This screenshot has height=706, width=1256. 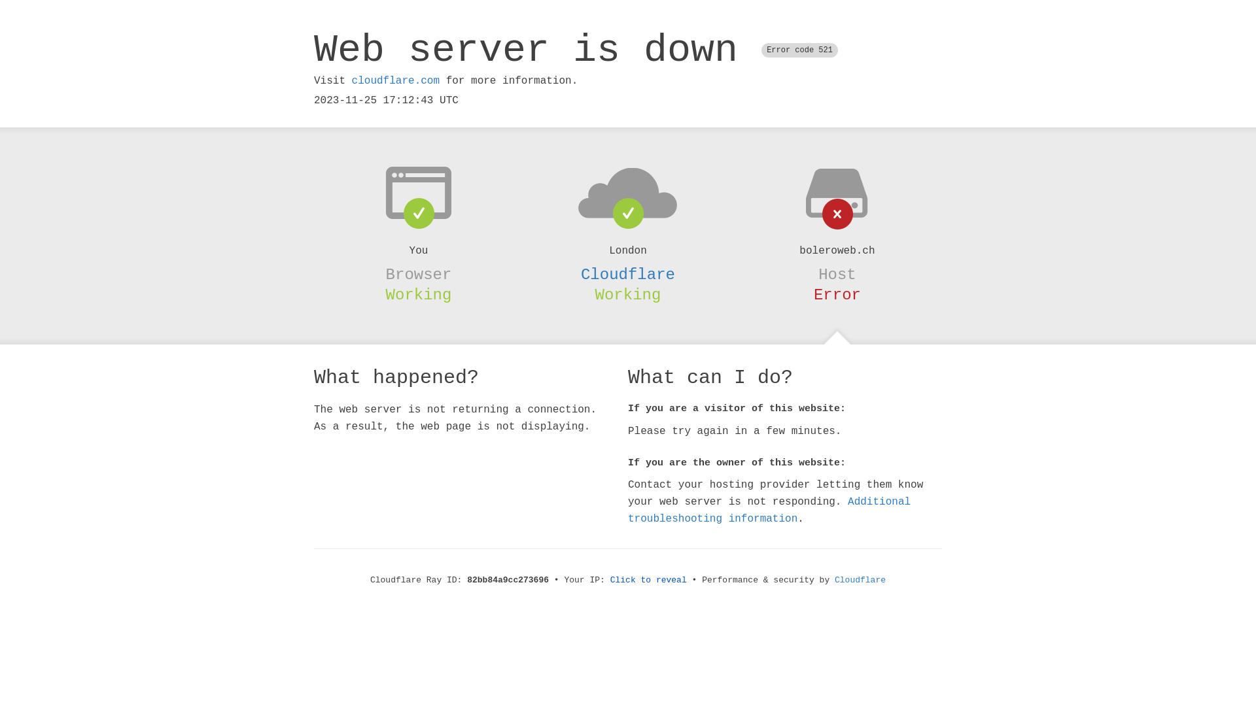 What do you see at coordinates (648, 579) in the screenshot?
I see `'Click to reveal'` at bounding box center [648, 579].